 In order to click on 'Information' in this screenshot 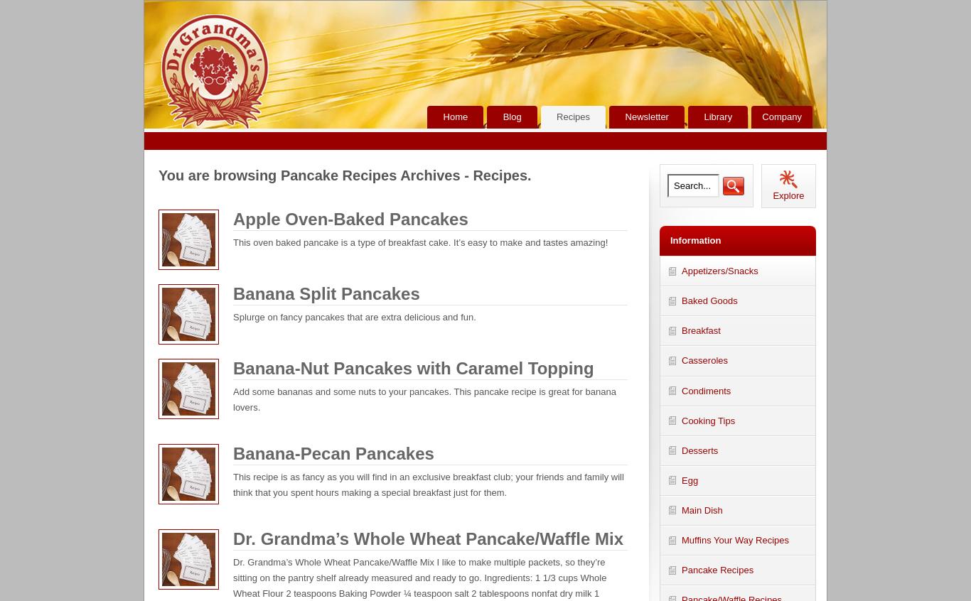, I will do `click(695, 239)`.